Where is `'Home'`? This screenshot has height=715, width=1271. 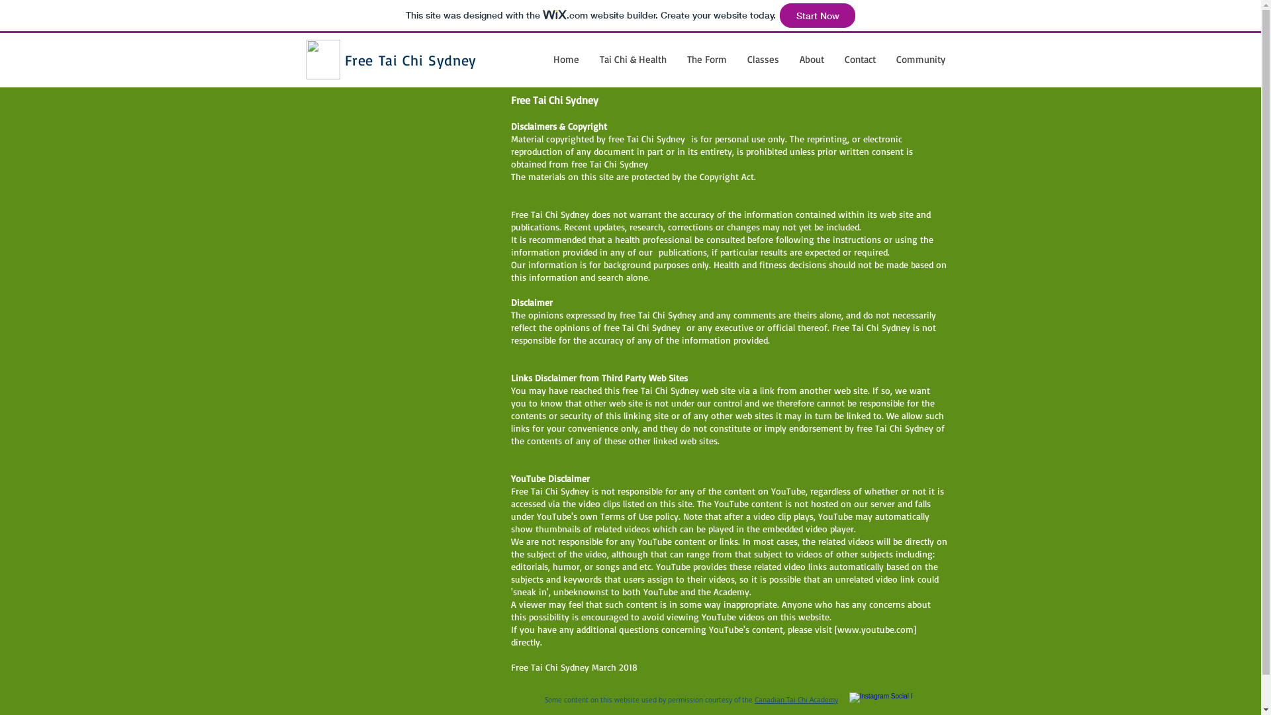 'Home' is located at coordinates (543, 58).